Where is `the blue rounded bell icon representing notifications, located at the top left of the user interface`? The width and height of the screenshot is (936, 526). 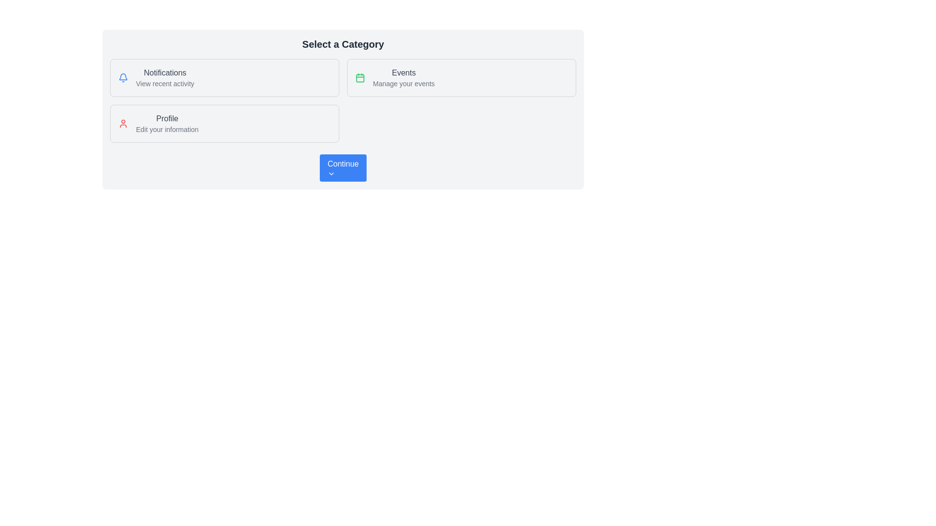
the blue rounded bell icon representing notifications, located at the top left of the user interface is located at coordinates (123, 76).